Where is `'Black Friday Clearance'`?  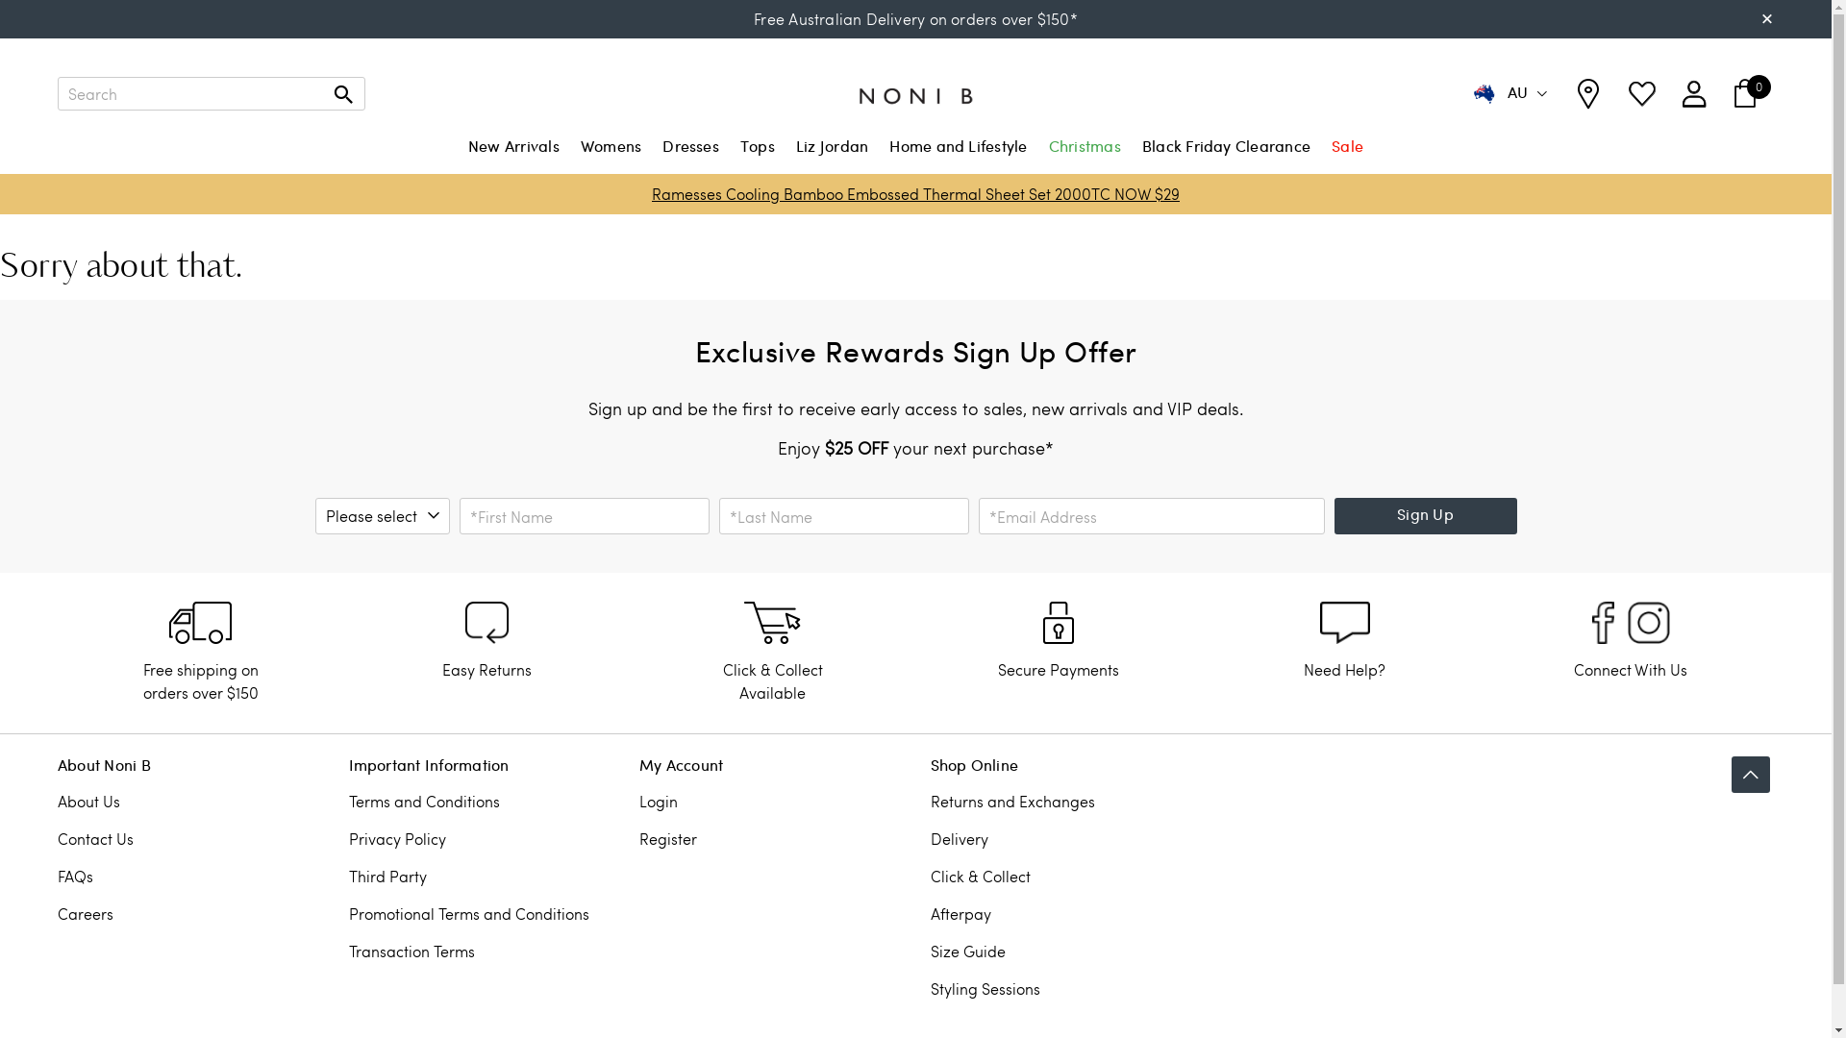 'Black Friday Clearance' is located at coordinates (1138, 155).